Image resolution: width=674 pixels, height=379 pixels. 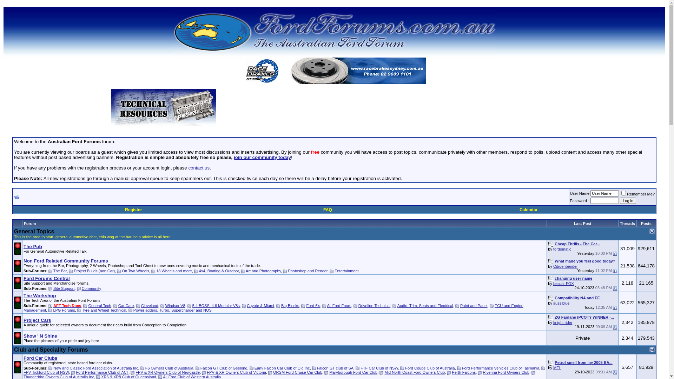 What do you see at coordinates (224, 368) in the screenshot?
I see `'Falcon GT Club of Geelong'` at bounding box center [224, 368].